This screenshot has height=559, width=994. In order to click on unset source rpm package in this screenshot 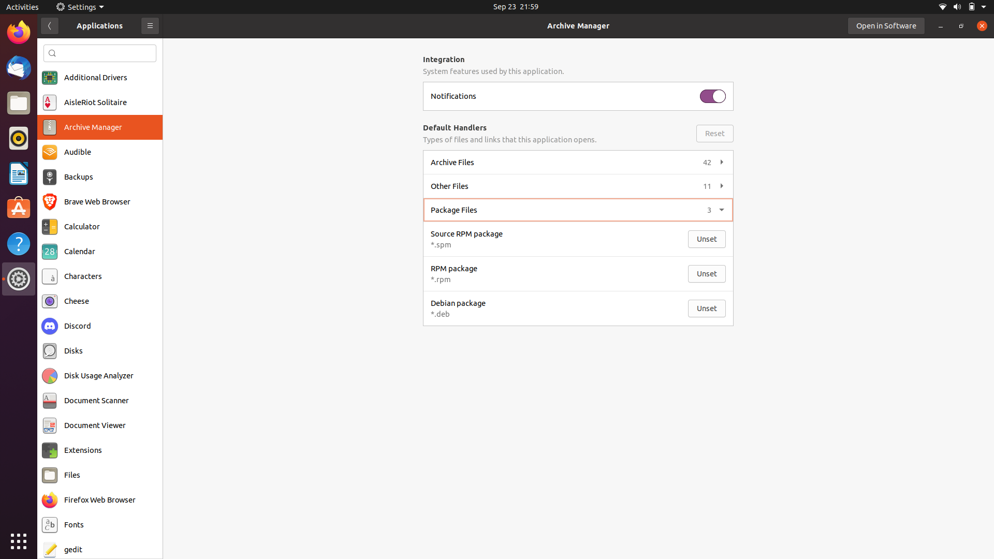, I will do `click(707, 239)`.